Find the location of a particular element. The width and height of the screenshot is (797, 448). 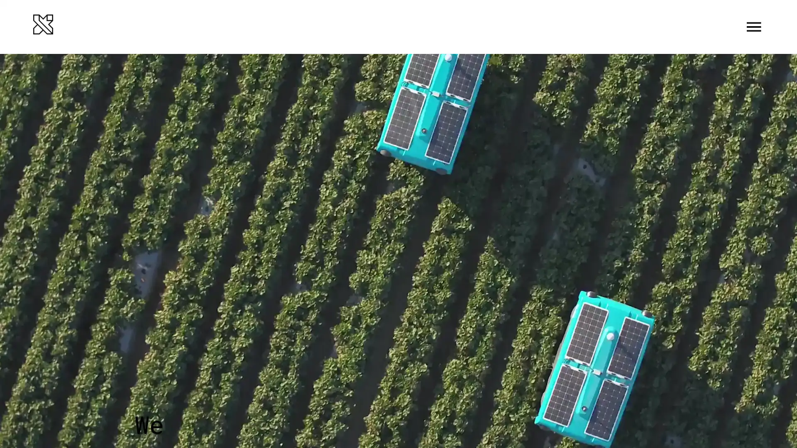

Dandelion graduates Dandelion, a project using geothermal energy to sustainably and affordably heat and cool homes, graduates from X as an independent company outside Alphabet and begins offering services in the northeastern United States. is located at coordinates (421, 310).